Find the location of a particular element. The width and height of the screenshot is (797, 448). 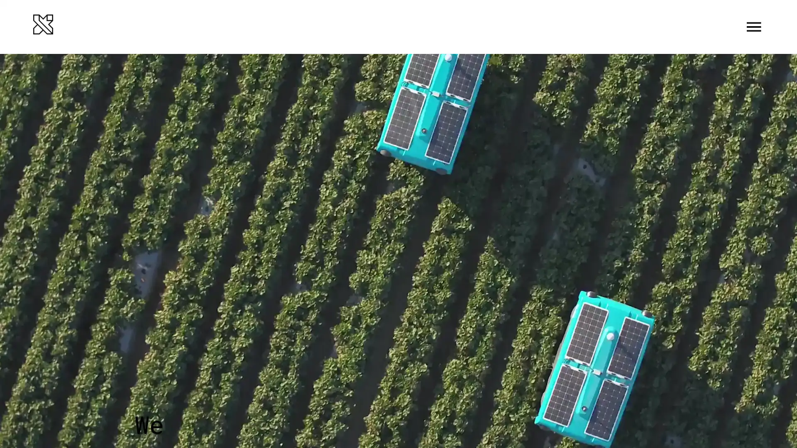

Dandelion graduates Dandelion, a project using geothermal energy to sustainably and affordably heat and cool homes, graduates from X as an independent company outside Alphabet and begins offering services in the northeastern United States. is located at coordinates (421, 310).